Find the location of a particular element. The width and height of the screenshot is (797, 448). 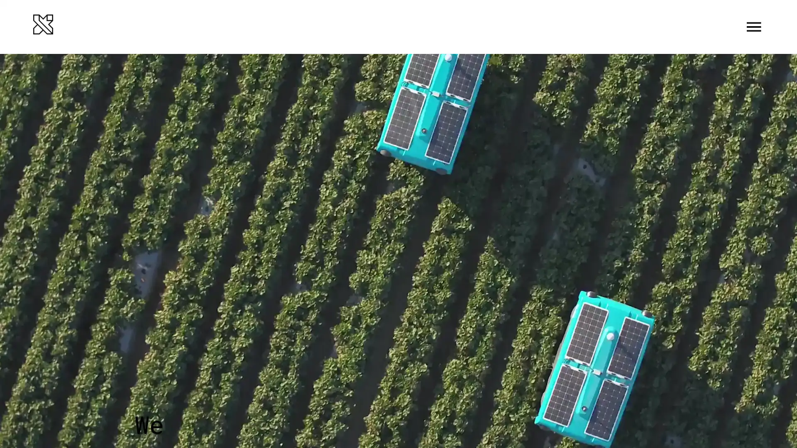

Dandelion graduates Dandelion, a project using geothermal energy to sustainably and affordably heat and cool homes, graduates from X as an independent company outside Alphabet and begins offering services in the northeastern United States. is located at coordinates (421, 310).